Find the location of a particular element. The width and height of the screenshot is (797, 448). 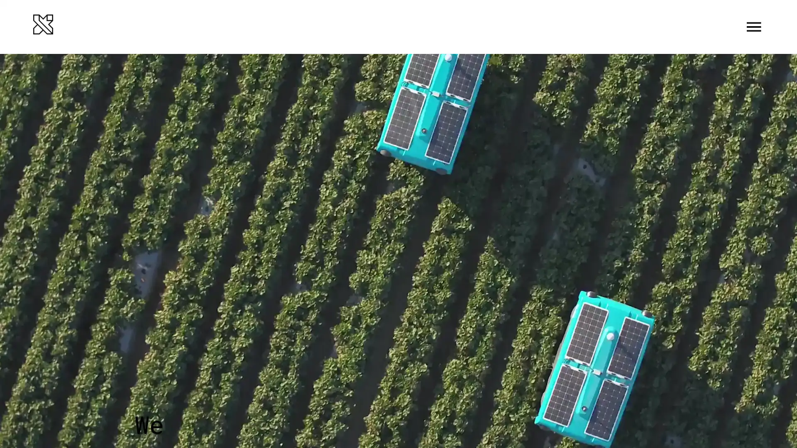

Dandelion graduates Dandelion, a project using geothermal energy to sustainably and affordably heat and cool homes, graduates from X as an independent company outside Alphabet and begins offering services in the northeastern United States. is located at coordinates (421, 310).